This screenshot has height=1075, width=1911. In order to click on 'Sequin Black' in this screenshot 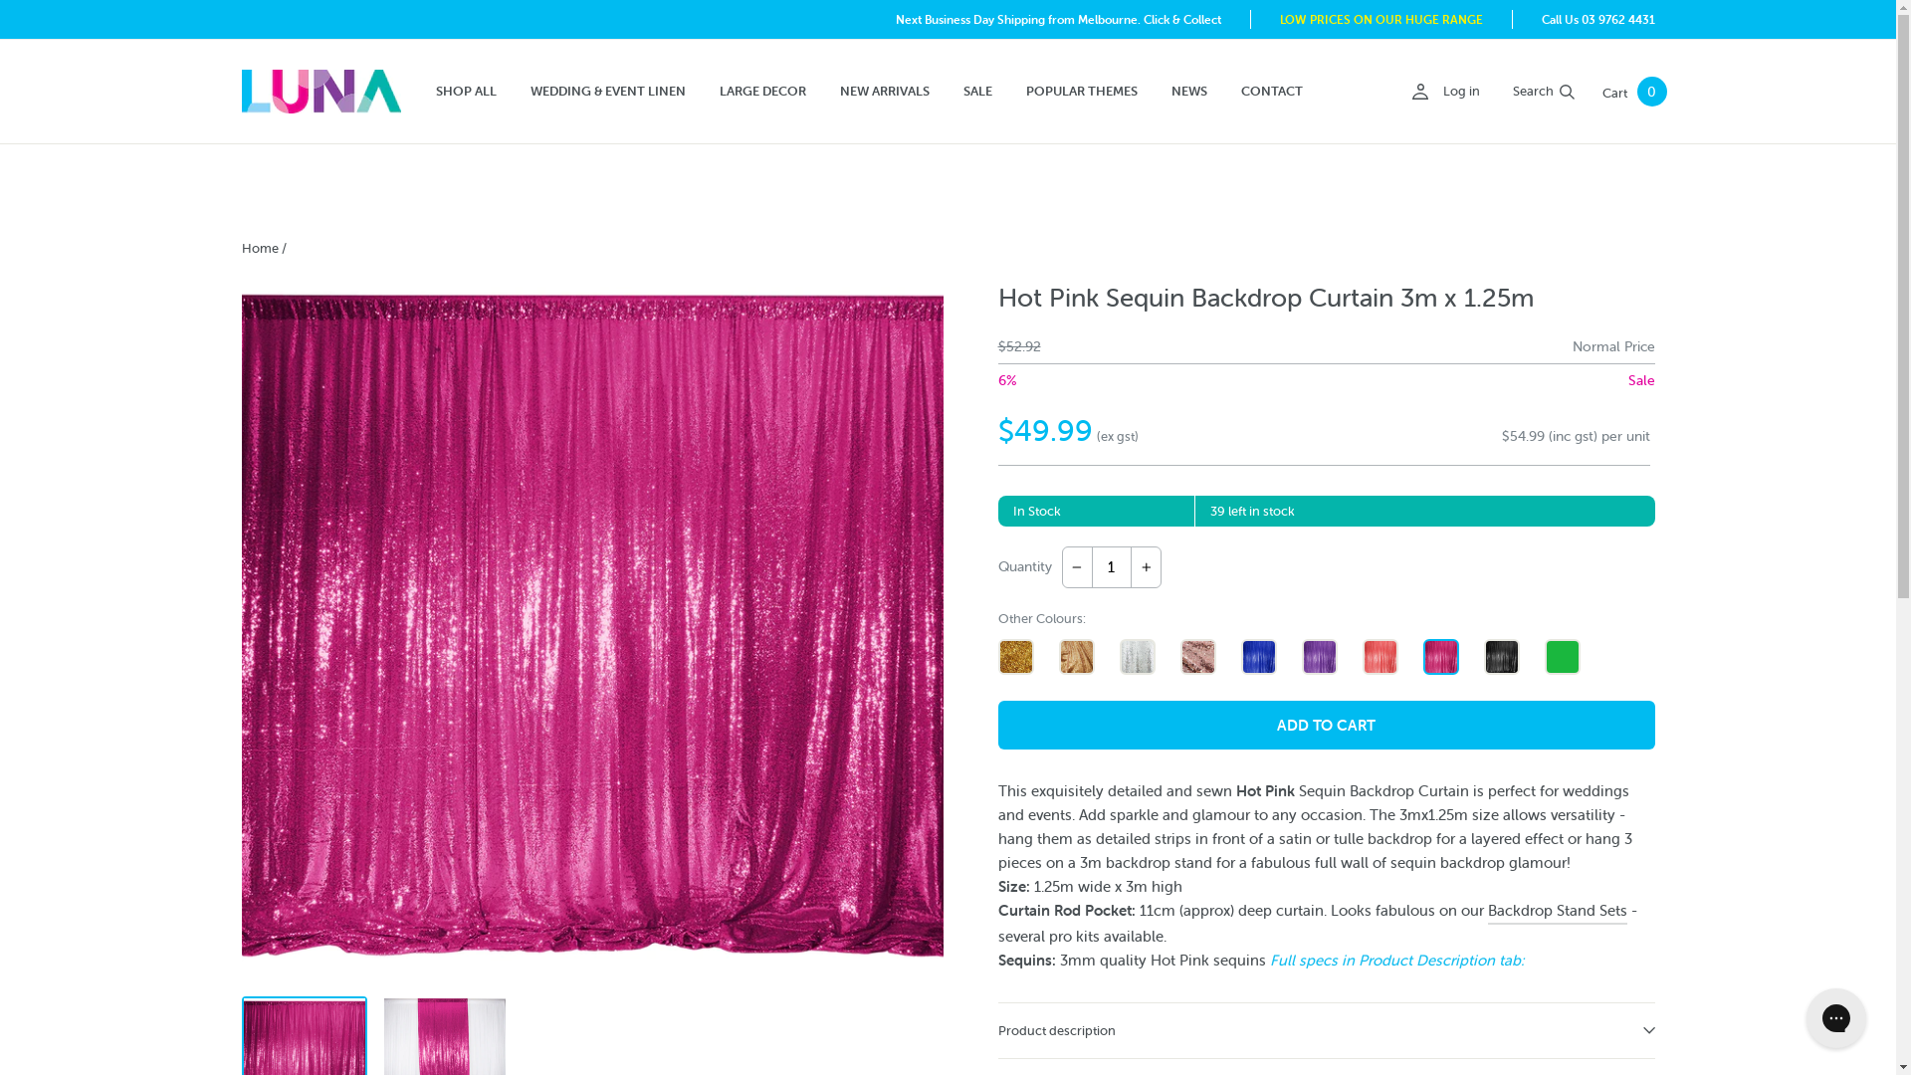, I will do `click(1500, 656)`.